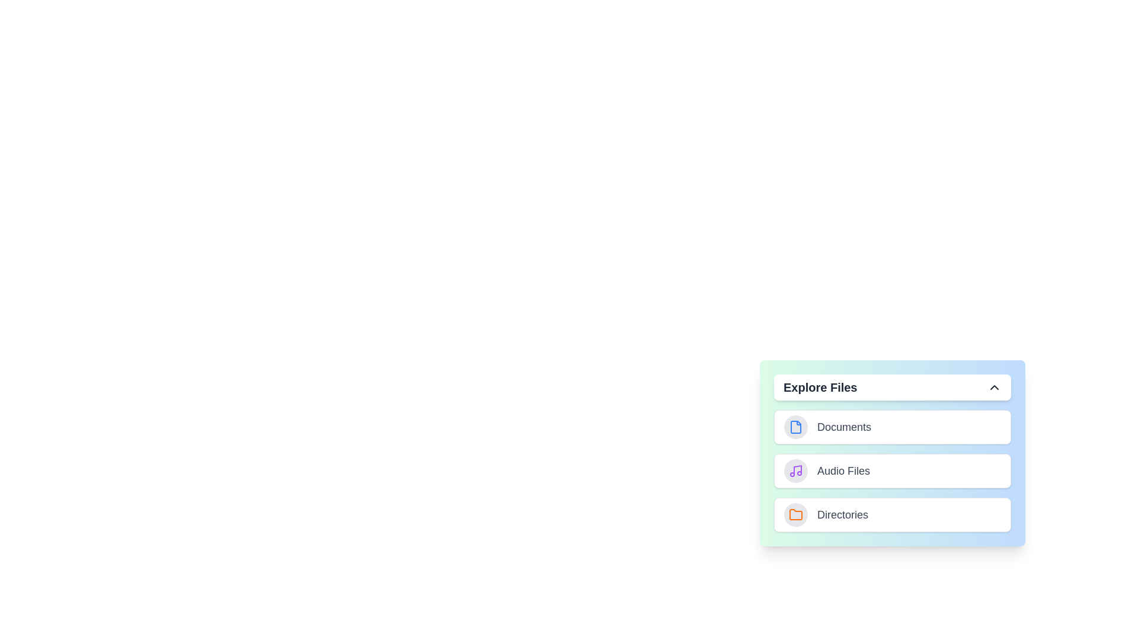 This screenshot has width=1138, height=640. Describe the element at coordinates (893, 427) in the screenshot. I see `the 'Documents' category to select it` at that location.